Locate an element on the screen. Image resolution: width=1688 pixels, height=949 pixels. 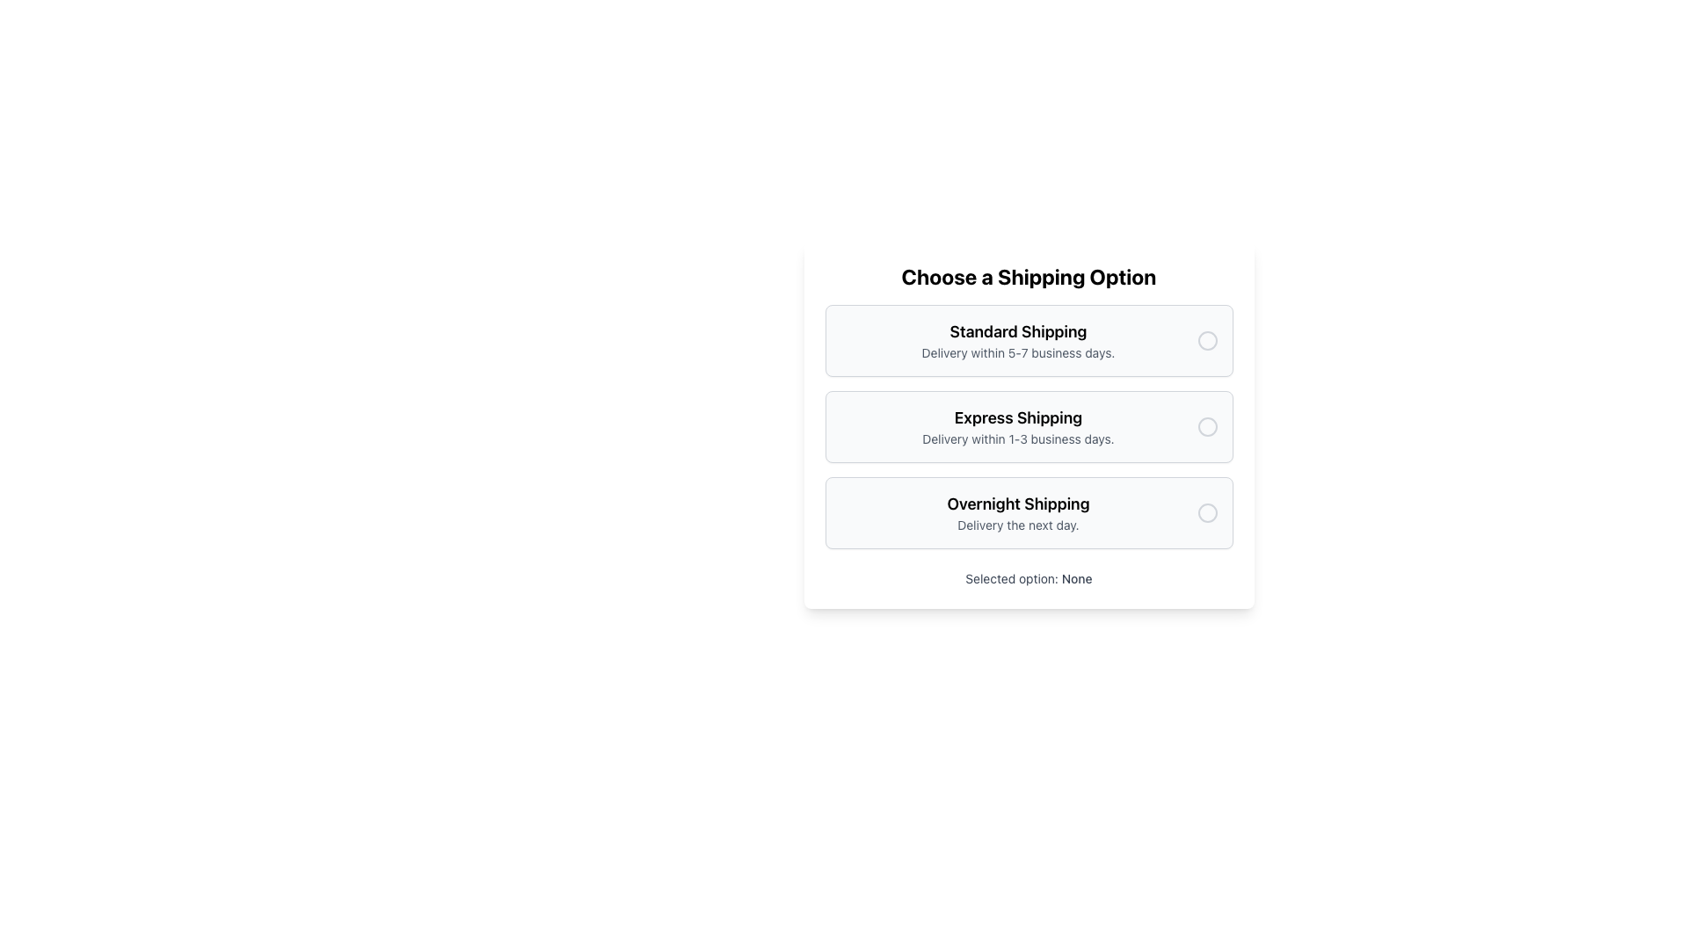
textual information about the 'Overnight Shipping' option, which is the third item in the vertical list of shipping options is located at coordinates (1018, 512).